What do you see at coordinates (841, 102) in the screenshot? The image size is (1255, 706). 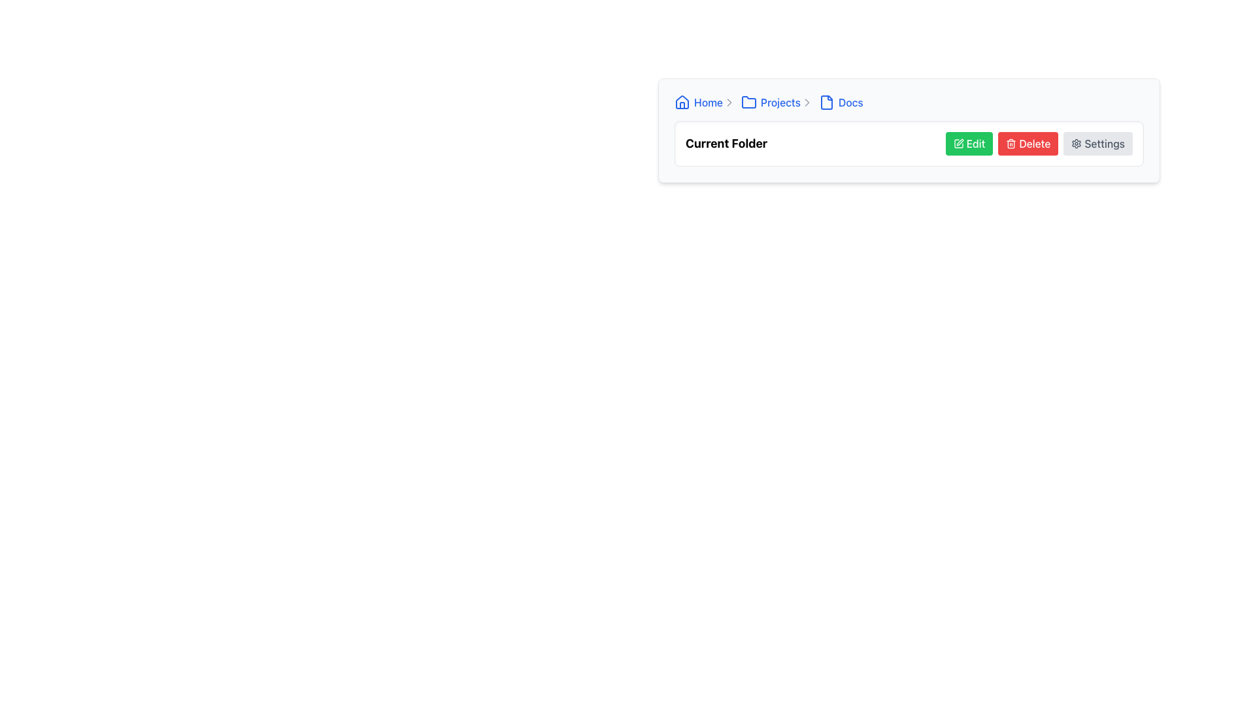 I see `the blue link labeled 'Docs' in the breadcrumb navigation bar` at bounding box center [841, 102].